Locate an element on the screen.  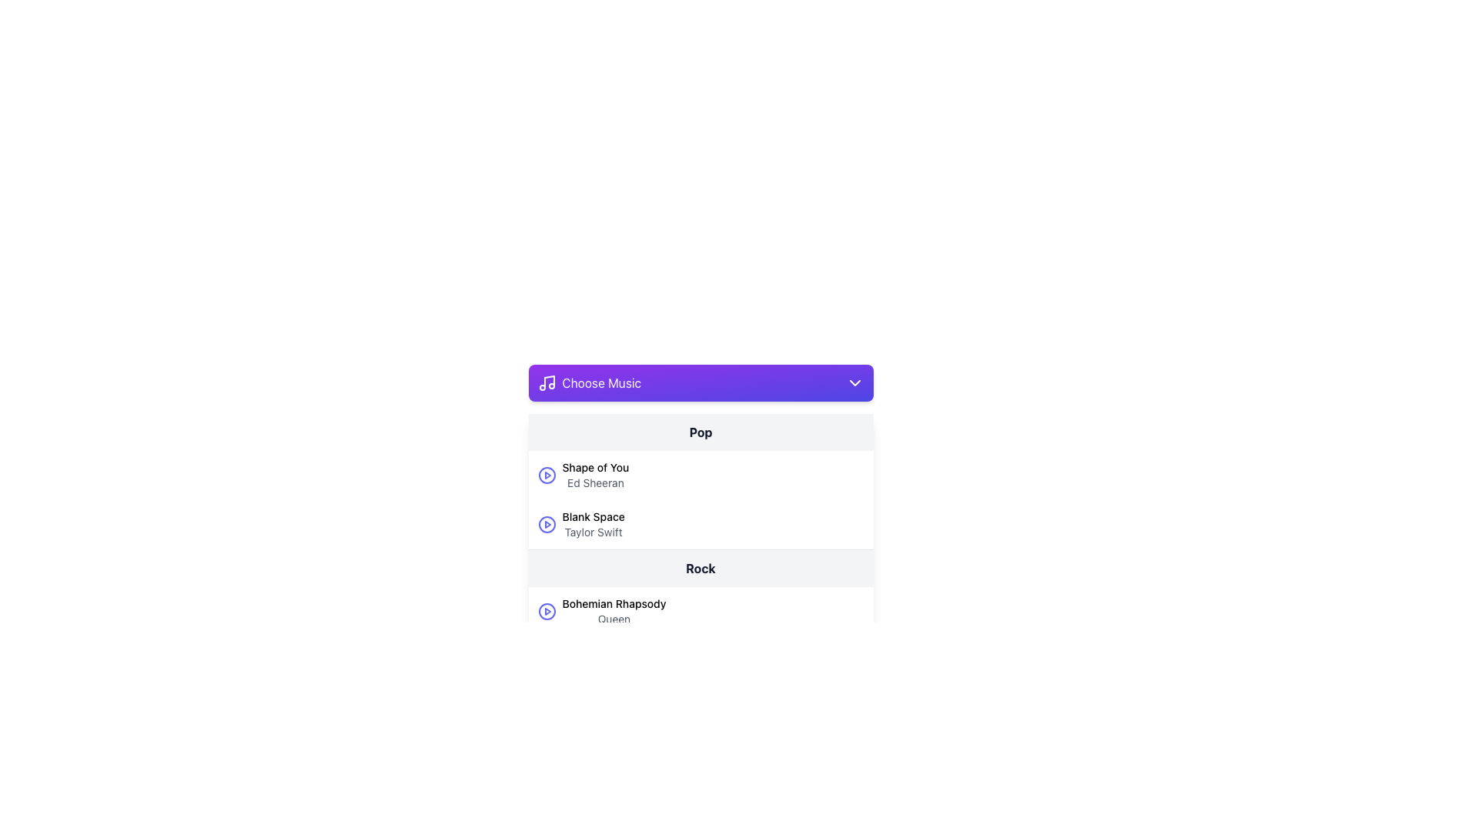
the Text Label identifying the song or item under the 'Pop' category is located at coordinates (593, 516).